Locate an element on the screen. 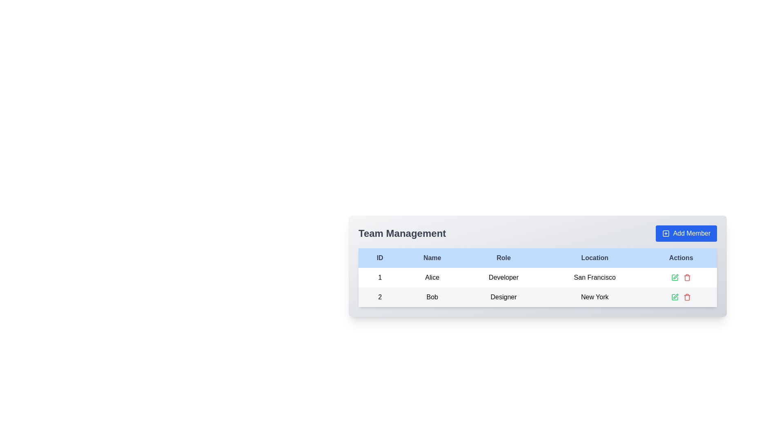 The width and height of the screenshot is (784, 441). the trash icon element in the 'Actions' column of the second row in the table within the 'Team Management' section is located at coordinates (687, 298).